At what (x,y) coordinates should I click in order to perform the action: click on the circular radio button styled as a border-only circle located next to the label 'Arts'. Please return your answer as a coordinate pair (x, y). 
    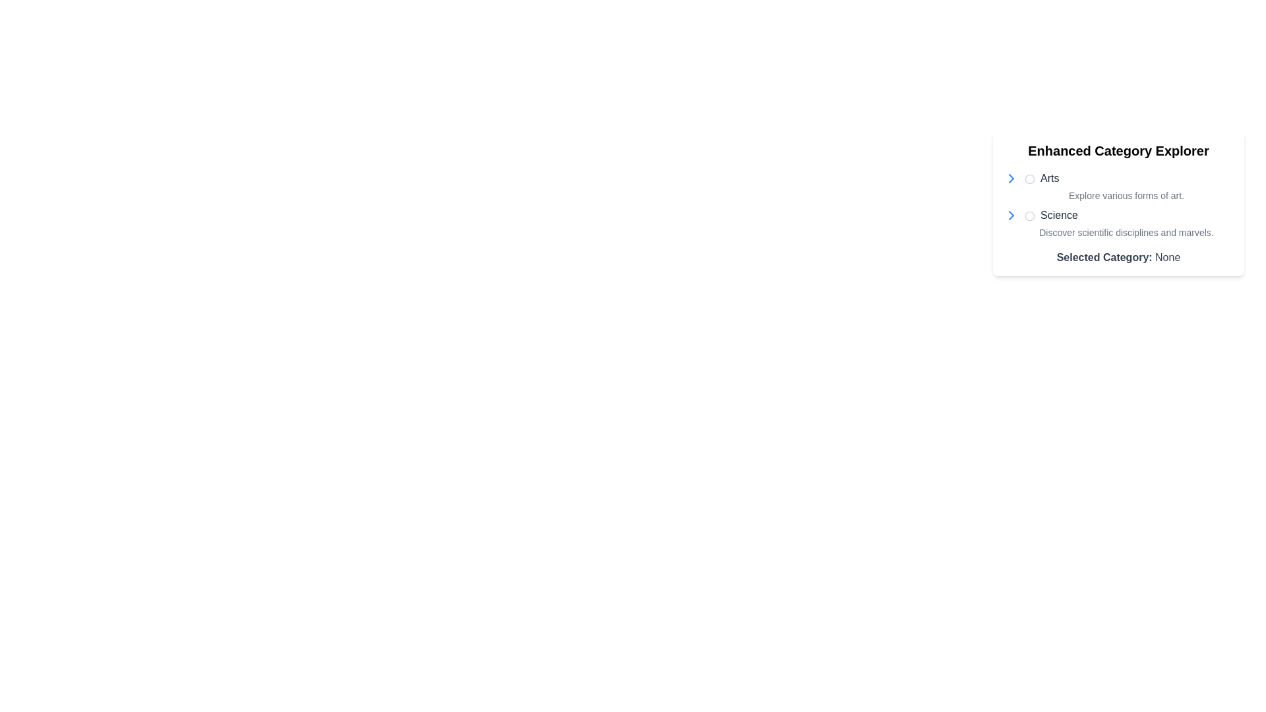
    Looking at the image, I should click on (1029, 178).